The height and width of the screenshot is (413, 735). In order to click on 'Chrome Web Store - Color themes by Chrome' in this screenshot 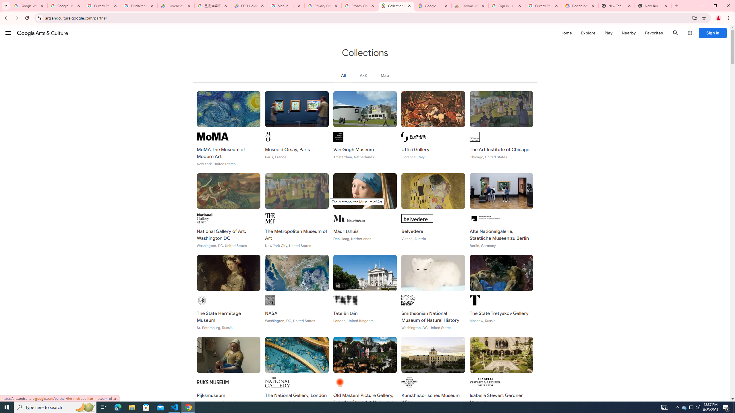, I will do `click(470, 5)`.